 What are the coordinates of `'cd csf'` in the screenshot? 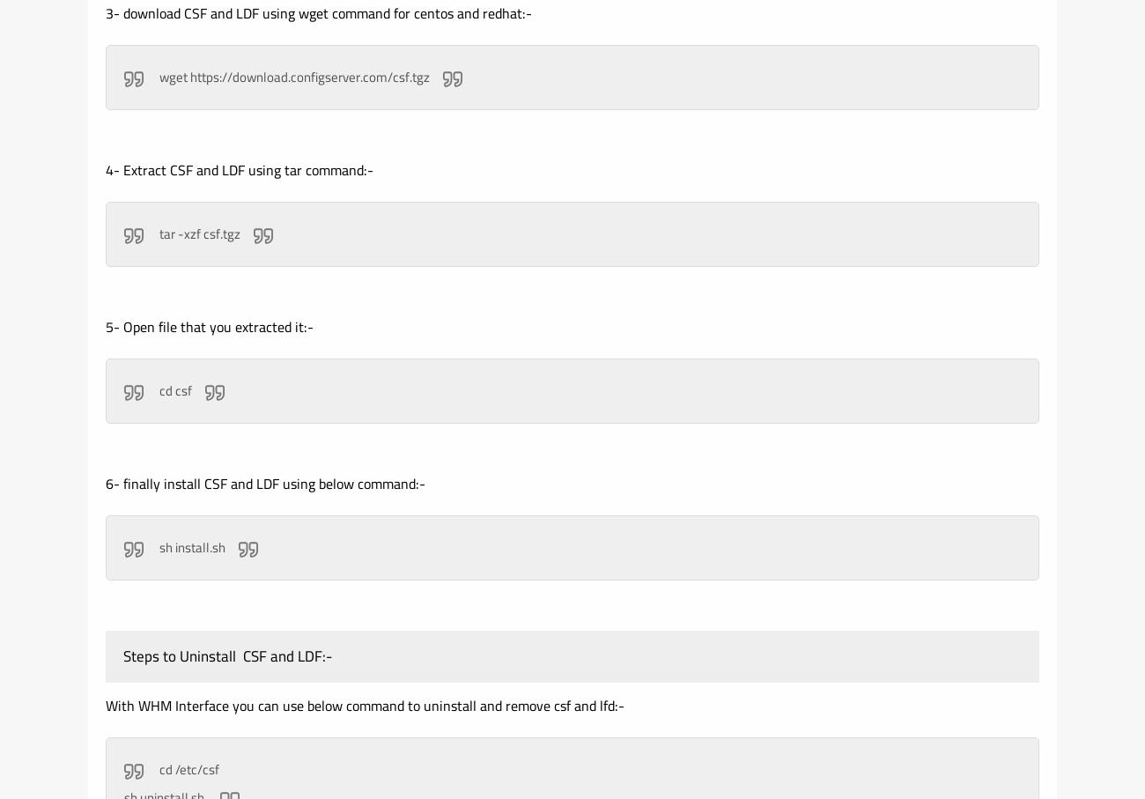 It's located at (174, 389).